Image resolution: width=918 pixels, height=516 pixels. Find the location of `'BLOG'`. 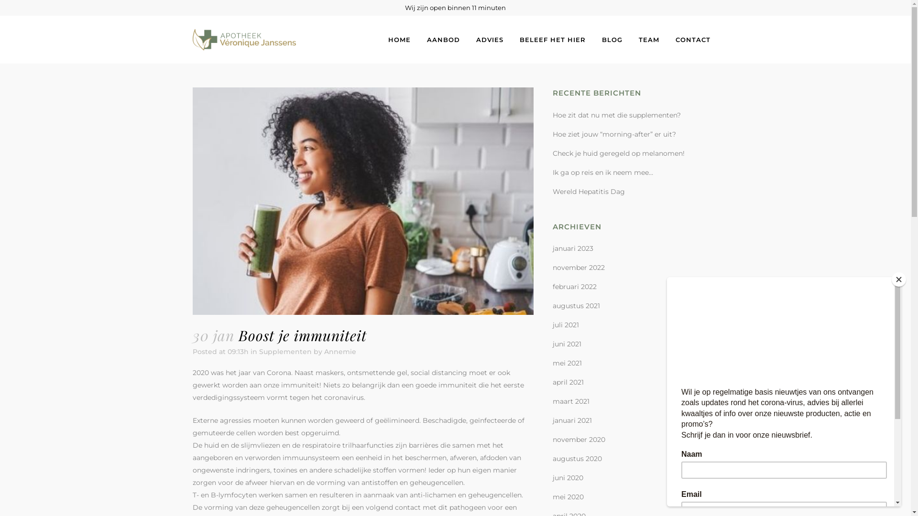

'BLOG' is located at coordinates (612, 39).